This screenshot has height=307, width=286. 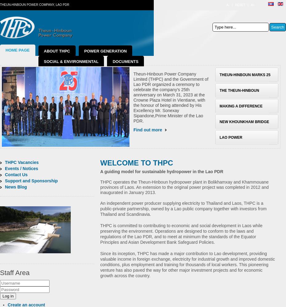 I want to click on 'Since its inception, THPC has made a major contribution to Lao development, providing valuable income in foreign exchange, electricity for industrial growth and improved domestic conditions, plus employment and training for thousands of local workers. This pioneering venture has also paved the way for other major investment projects and for economic growth across the country.', so click(x=187, y=264).